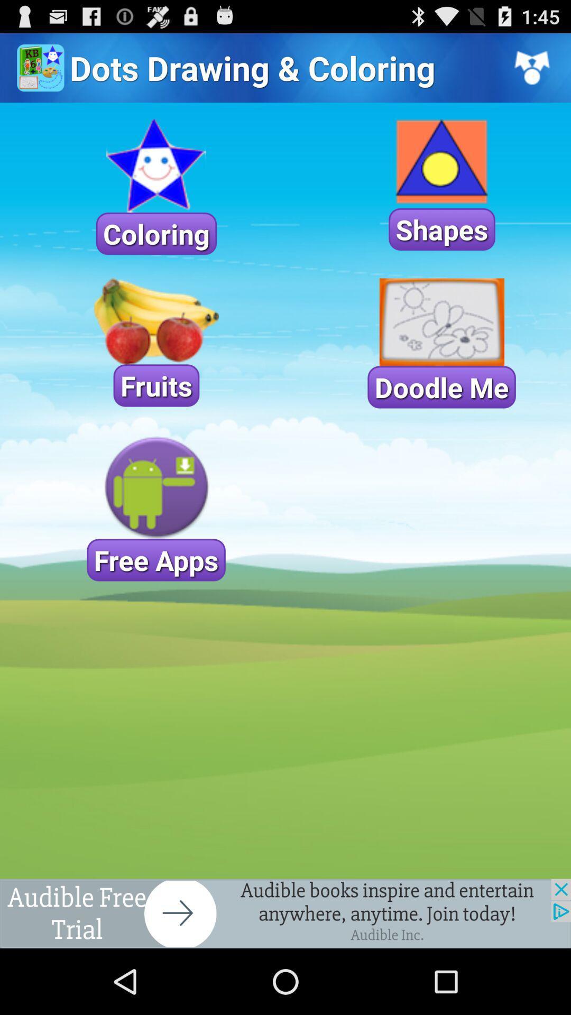 This screenshot has width=571, height=1015. What do you see at coordinates (285, 913) in the screenshot?
I see `advertisement` at bounding box center [285, 913].